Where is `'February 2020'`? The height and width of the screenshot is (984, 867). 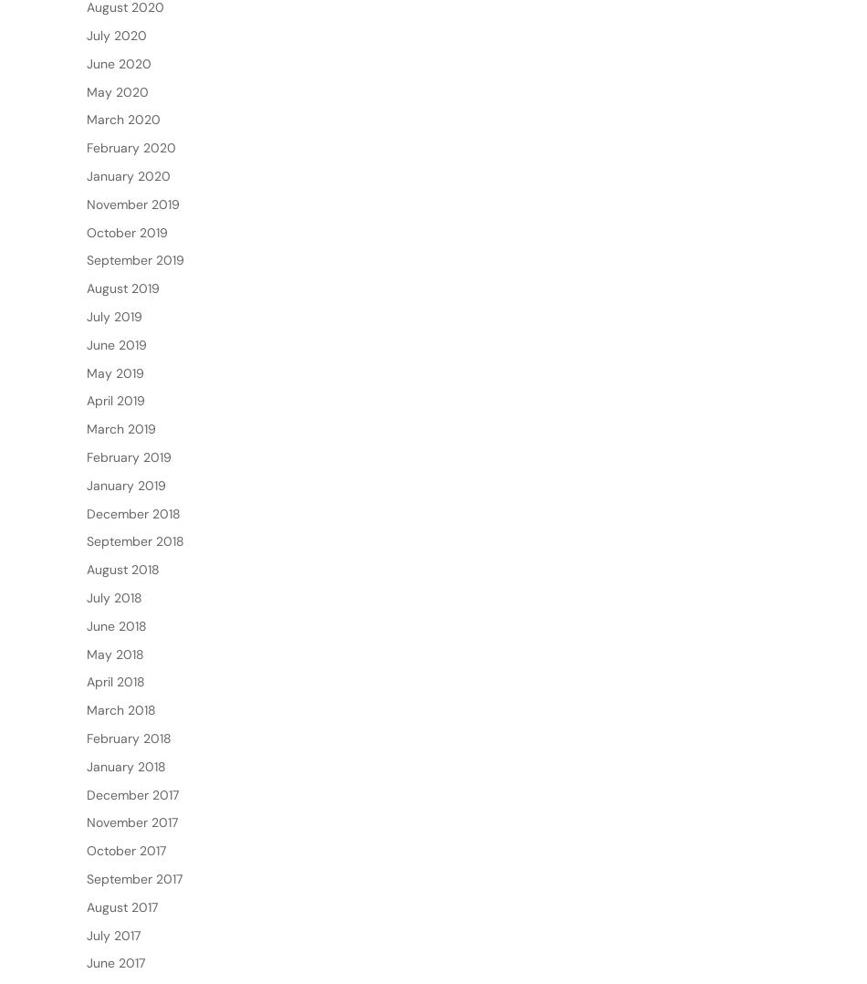 'February 2020' is located at coordinates (87, 205).